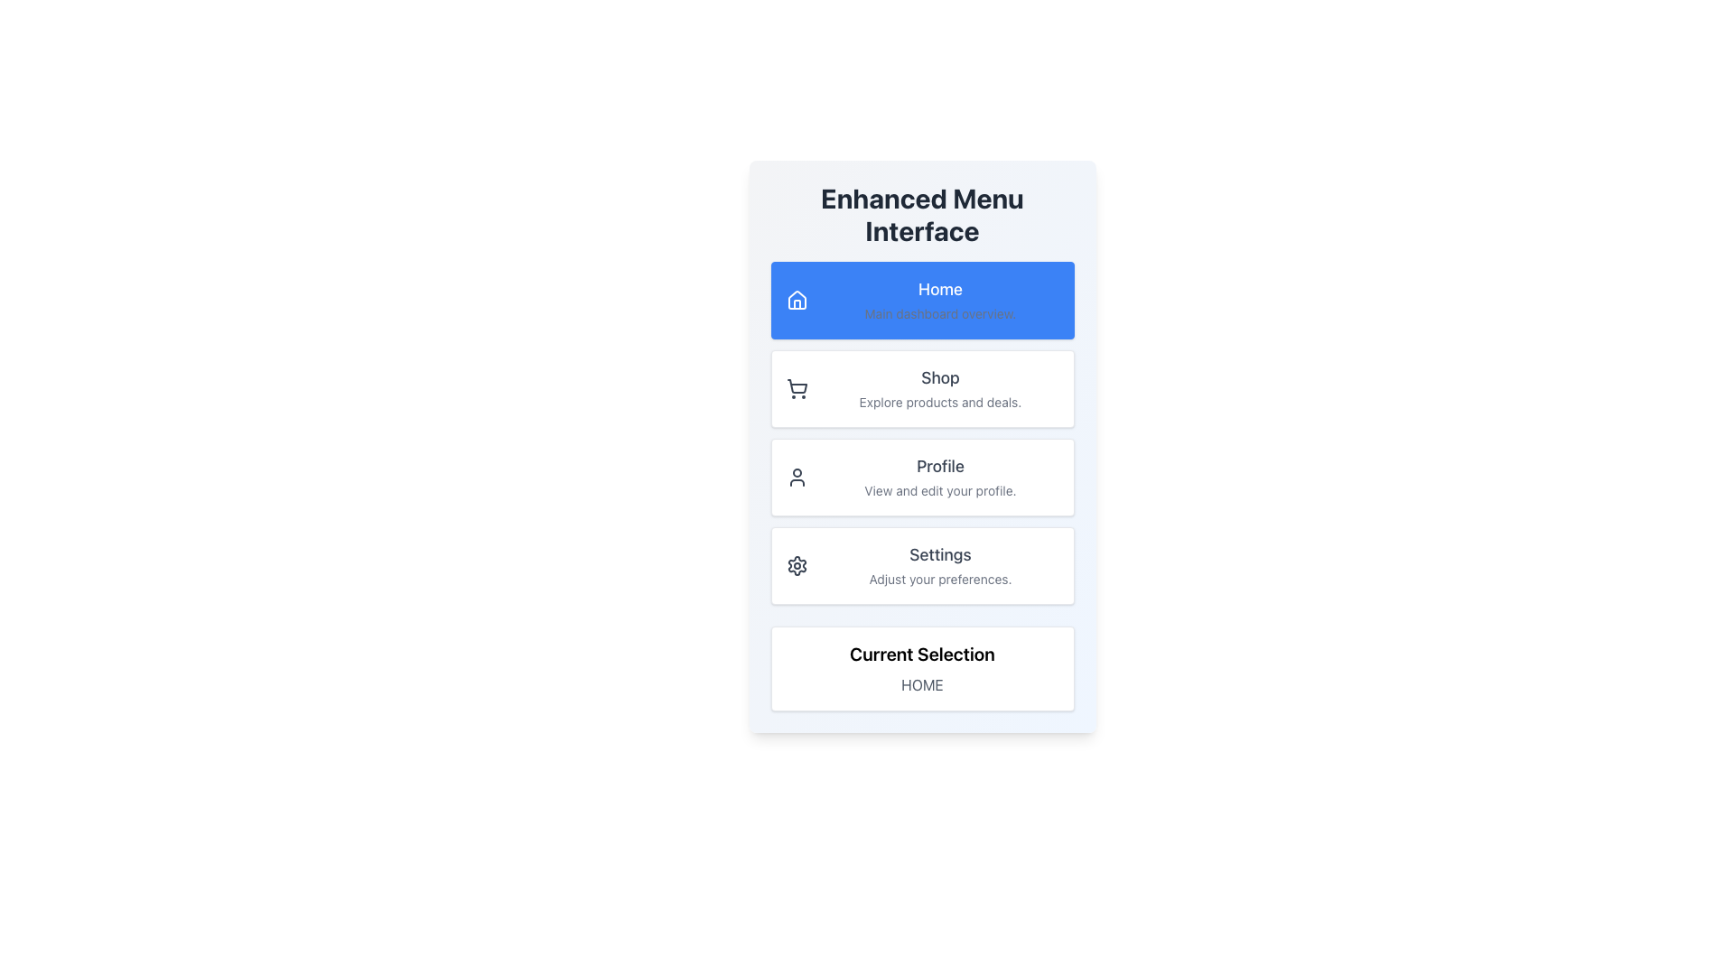 The height and width of the screenshot is (975, 1734). What do you see at coordinates (939, 490) in the screenshot?
I see `the text element displaying 'View and edit your profile.' which is located directly below the 'Profile' title in the menu interface` at bounding box center [939, 490].